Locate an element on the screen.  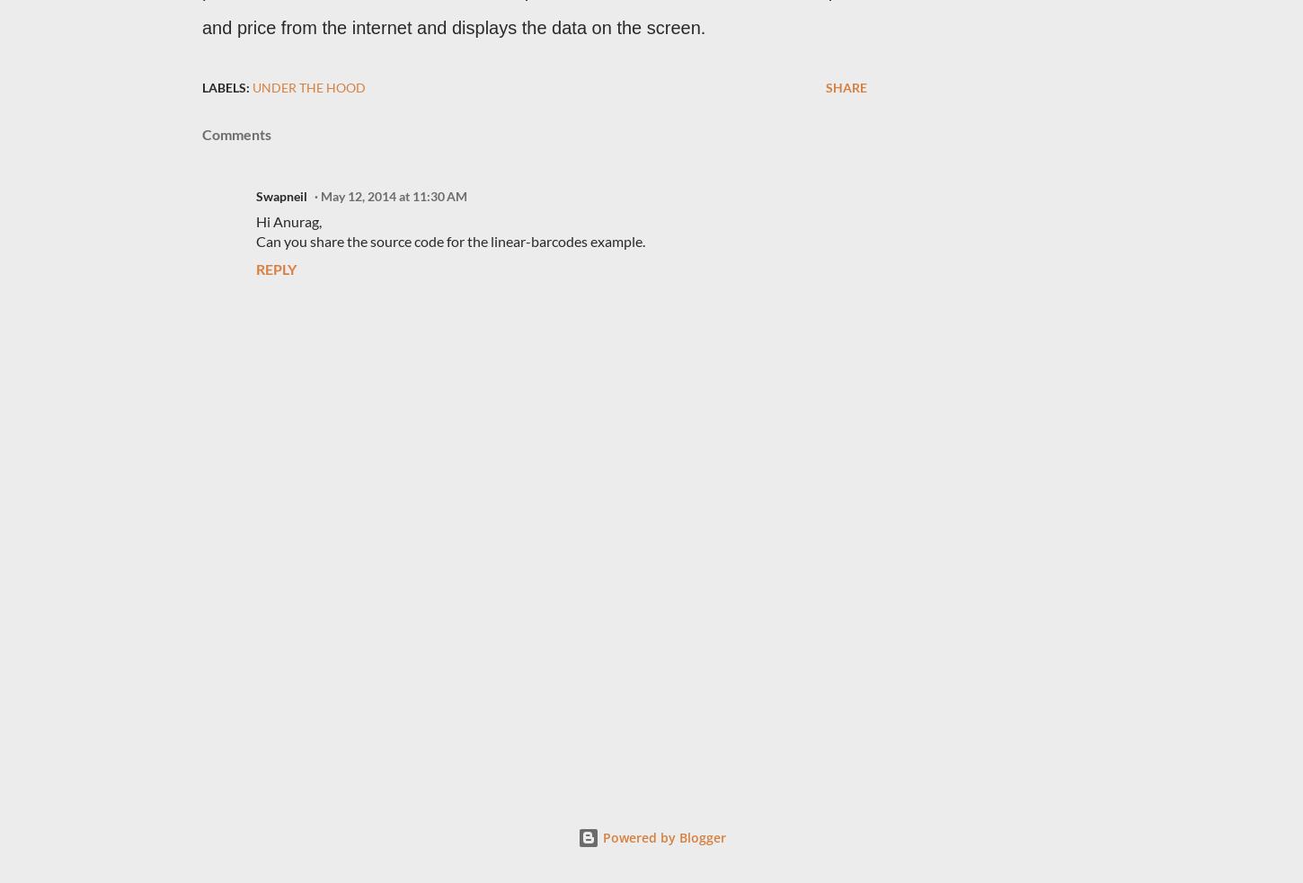
'Comments' is located at coordinates (236, 133).